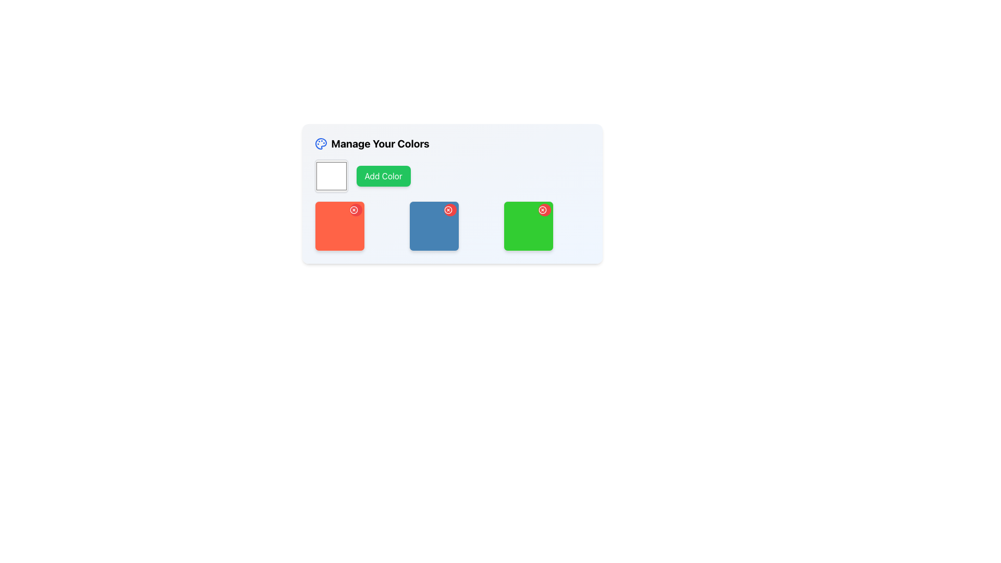 The height and width of the screenshot is (563, 1001). What do you see at coordinates (372, 144) in the screenshot?
I see `text 'Manage Your Colors' located at the top-left section of the interface, styled in bold and large font, accompanied by a blue color palette icon` at bounding box center [372, 144].